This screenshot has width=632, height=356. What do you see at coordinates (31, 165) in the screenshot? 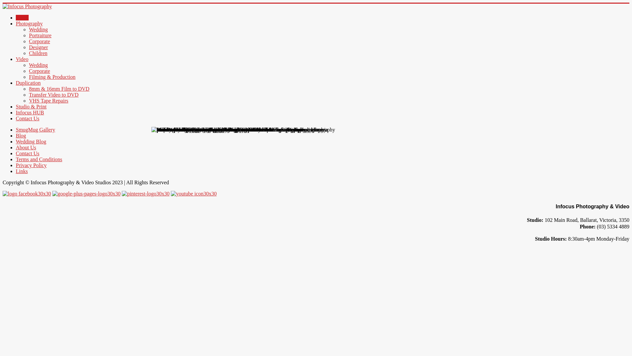
I see `'Privacy Policy'` at bounding box center [31, 165].